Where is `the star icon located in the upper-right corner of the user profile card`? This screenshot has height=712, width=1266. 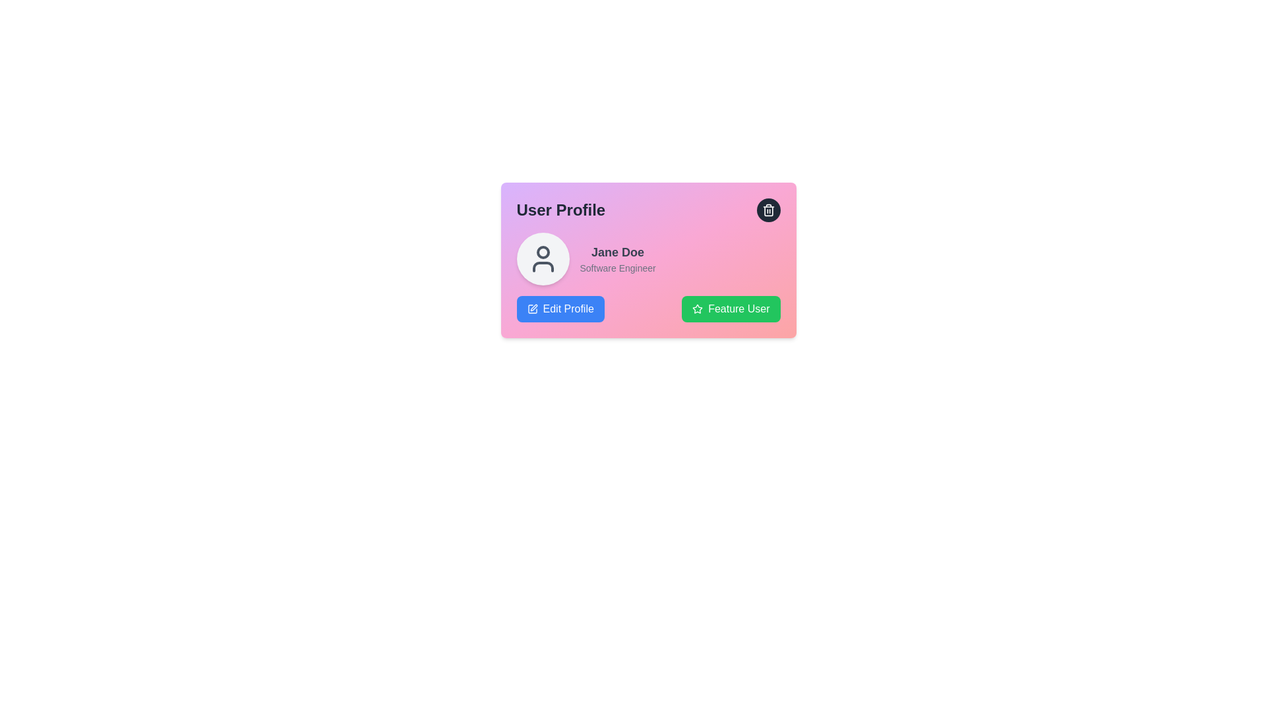 the star icon located in the upper-right corner of the user profile card is located at coordinates (696, 308).